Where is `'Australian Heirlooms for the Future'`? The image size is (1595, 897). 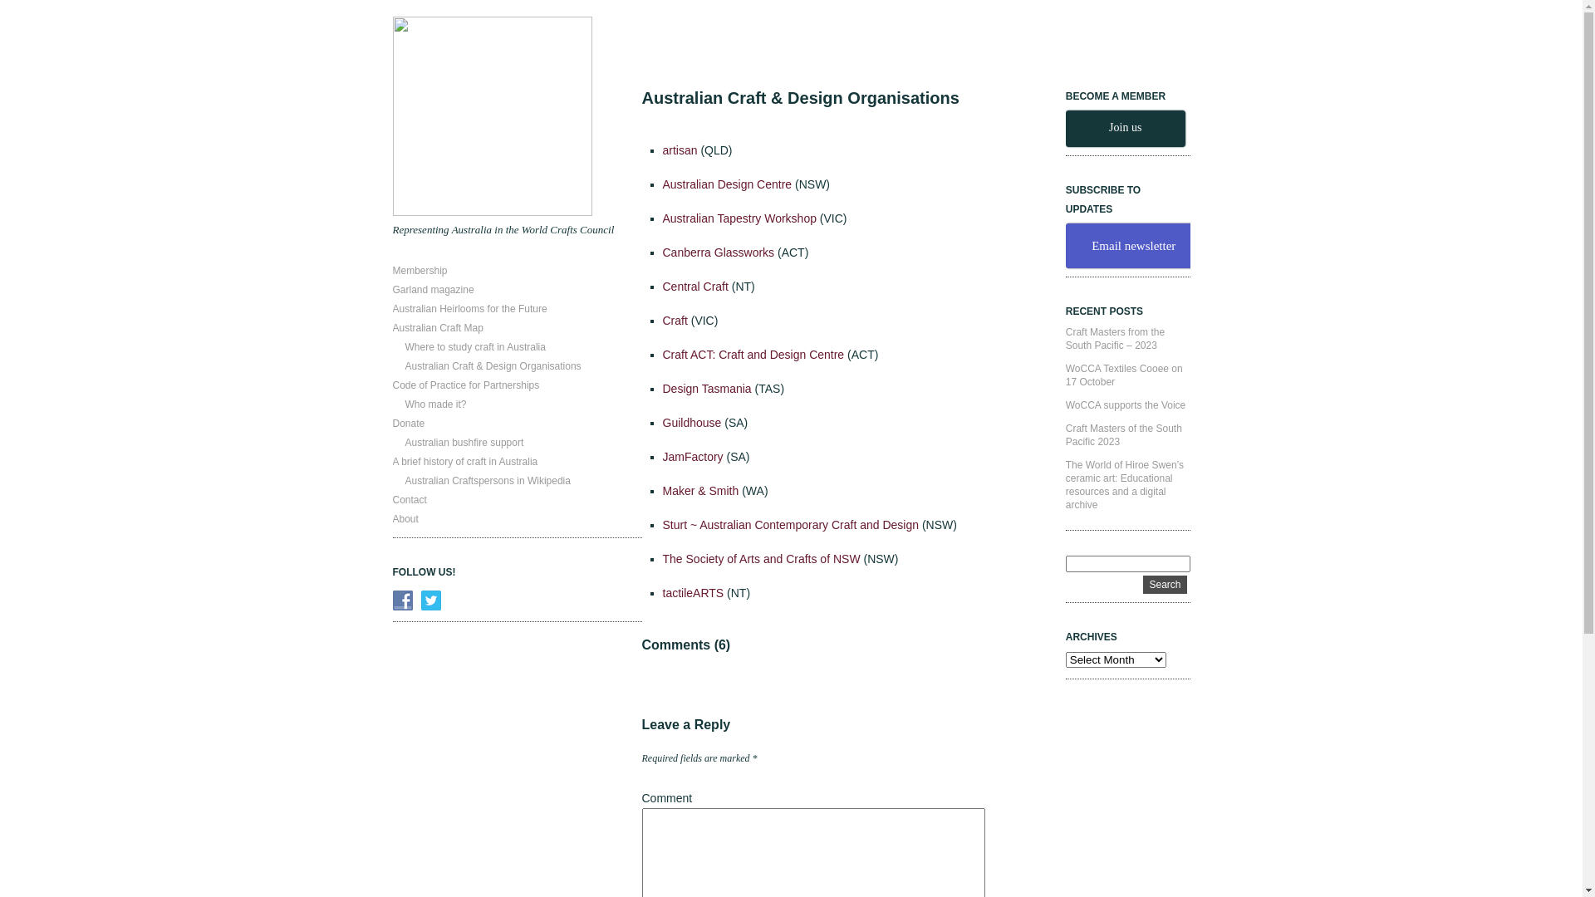 'Australian Heirlooms for the Future' is located at coordinates (390, 308).